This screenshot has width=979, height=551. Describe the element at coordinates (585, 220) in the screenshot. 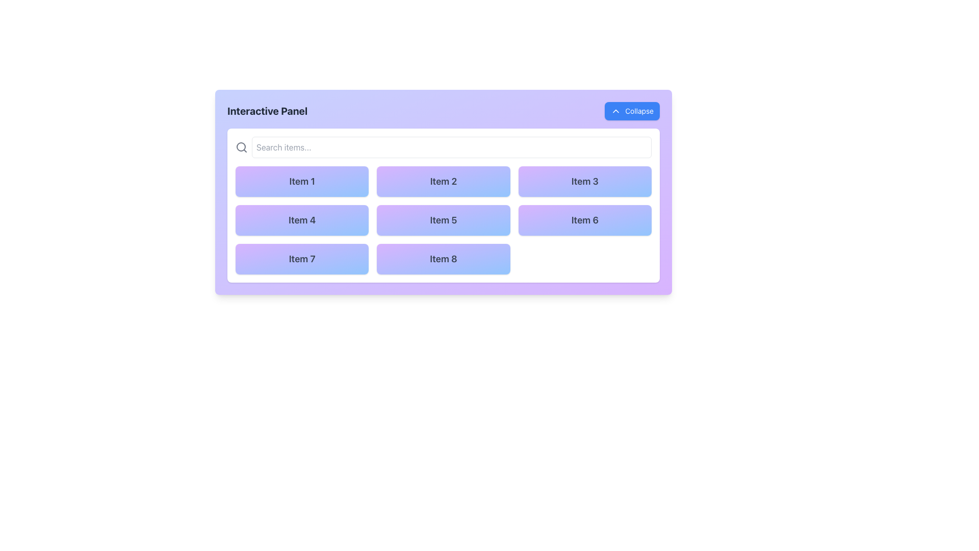

I see `the non-interactive button located in the third column of the second row in the grid layout, aligned with 'Item 5' to its left and 'Item 8' below it` at that location.